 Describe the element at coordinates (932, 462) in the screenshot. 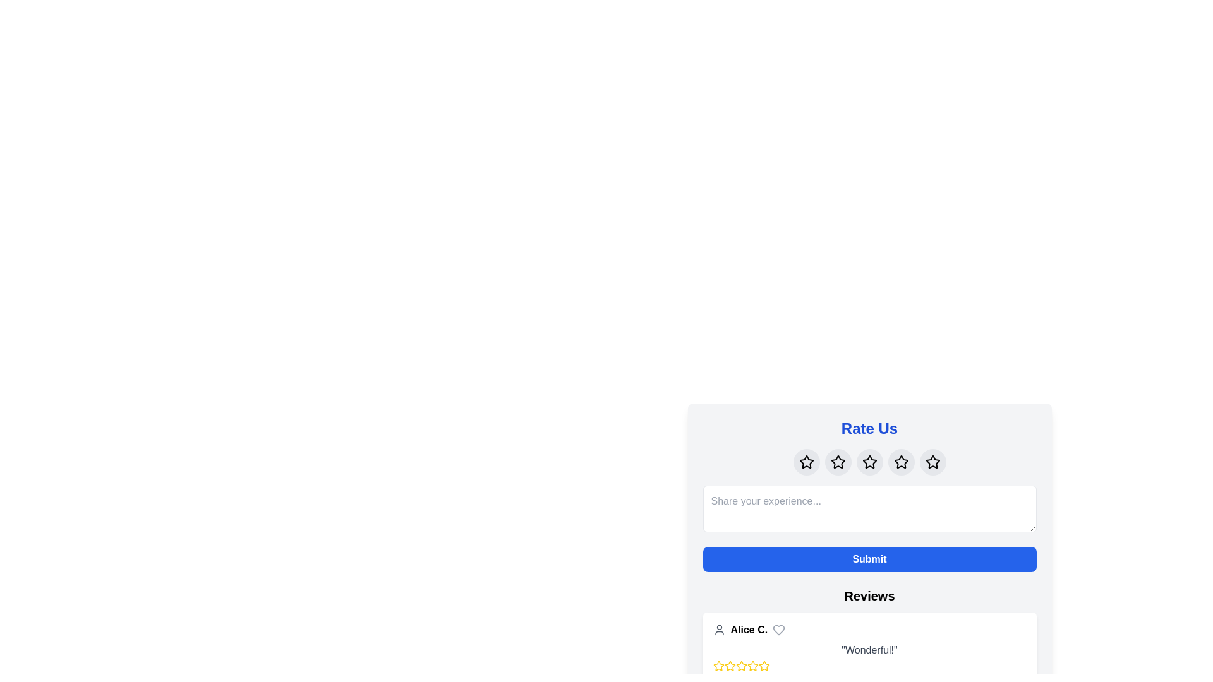

I see `the fifth star-shaped icon within a circular button under the 'Rate Us' heading` at that location.